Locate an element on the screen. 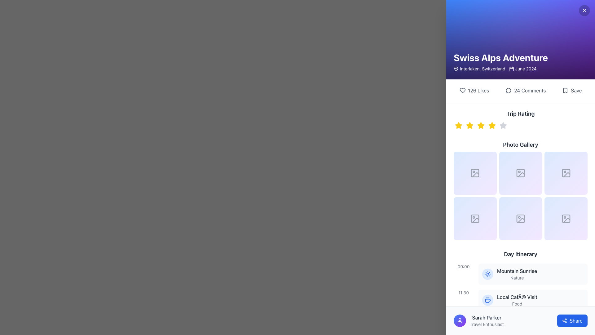  the small rounded rectangle element that is part of the image placeholder icon in the top-left corner of the six-grid photo gallery section is located at coordinates (475, 173).